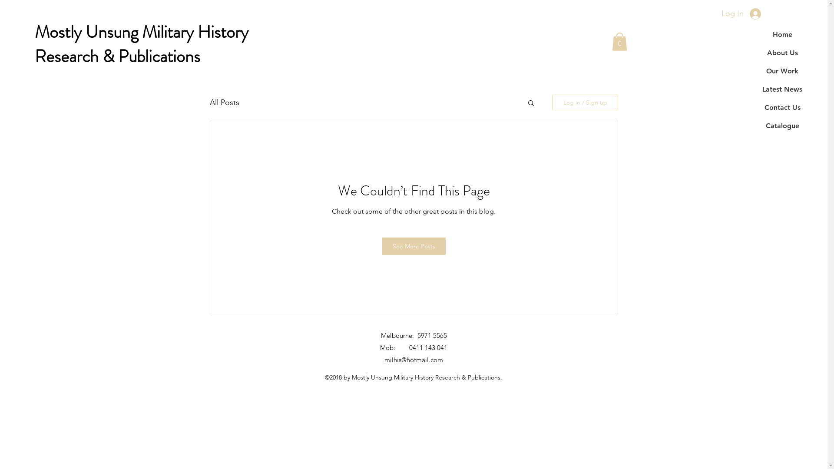 The width and height of the screenshot is (834, 469). Describe the element at coordinates (782, 70) in the screenshot. I see `'Our Work'` at that location.